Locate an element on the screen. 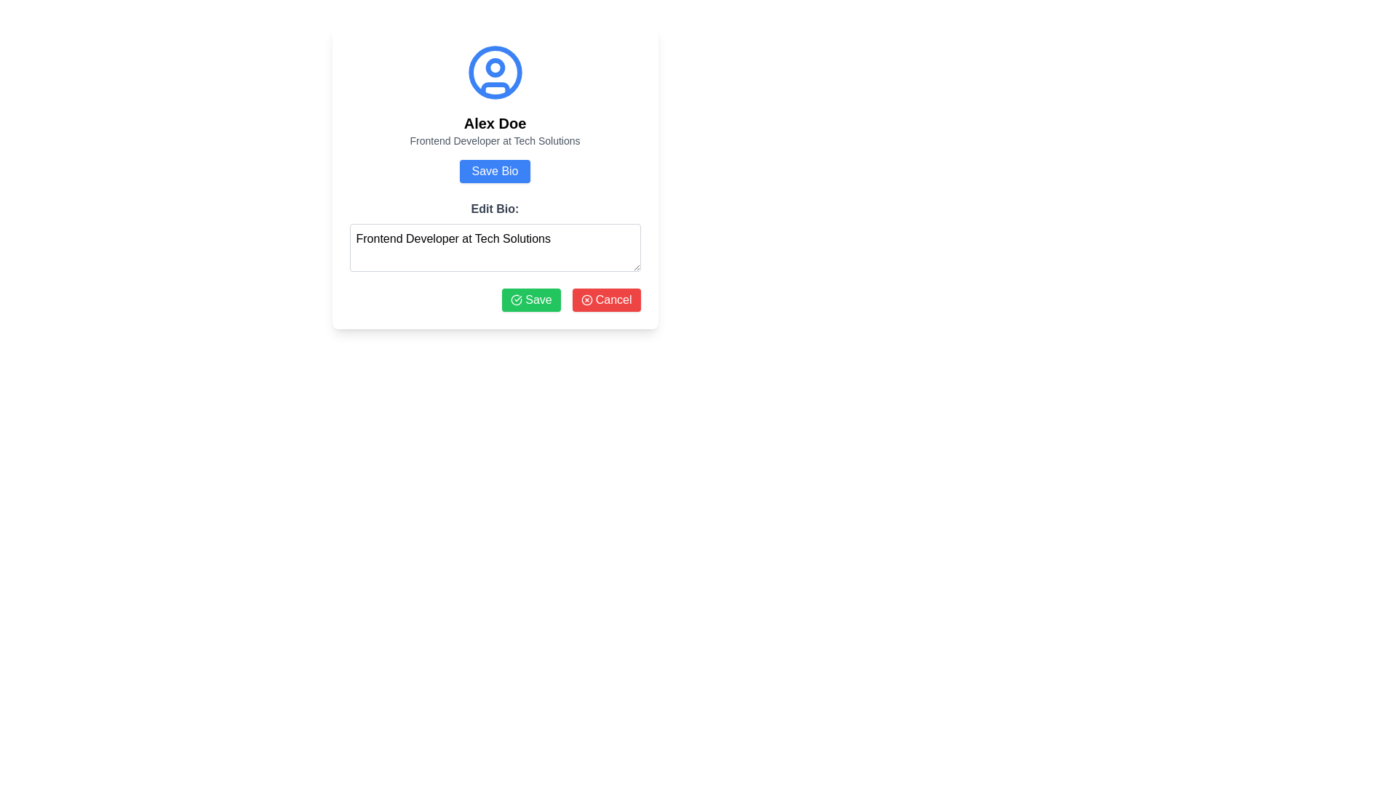 The image size is (1397, 785). the green 'Save' button with rounded edges that contains a circular checkmark icon and the label 'Save' in white text, located near the bottom of a form interface is located at coordinates (530, 299).